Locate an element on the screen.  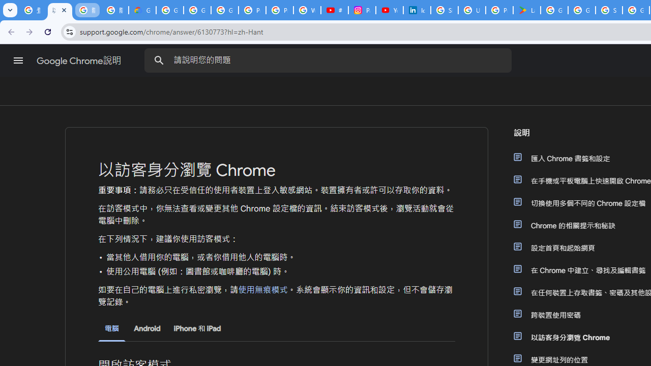
'Google Workspace - Specific Terms' is located at coordinates (582, 10).